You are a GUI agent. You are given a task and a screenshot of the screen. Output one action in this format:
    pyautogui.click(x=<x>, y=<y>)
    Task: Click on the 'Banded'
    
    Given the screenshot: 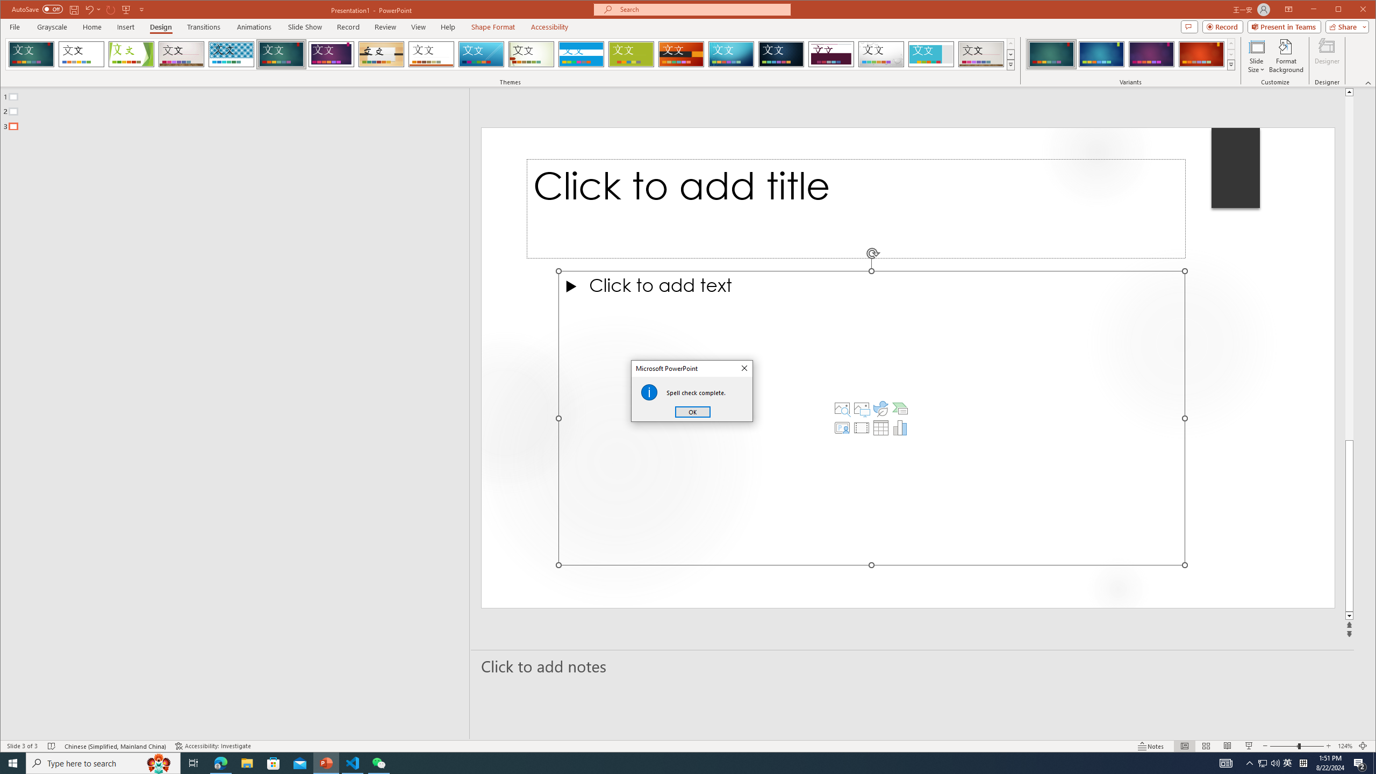 What is the action you would take?
    pyautogui.click(x=580, y=54)
    